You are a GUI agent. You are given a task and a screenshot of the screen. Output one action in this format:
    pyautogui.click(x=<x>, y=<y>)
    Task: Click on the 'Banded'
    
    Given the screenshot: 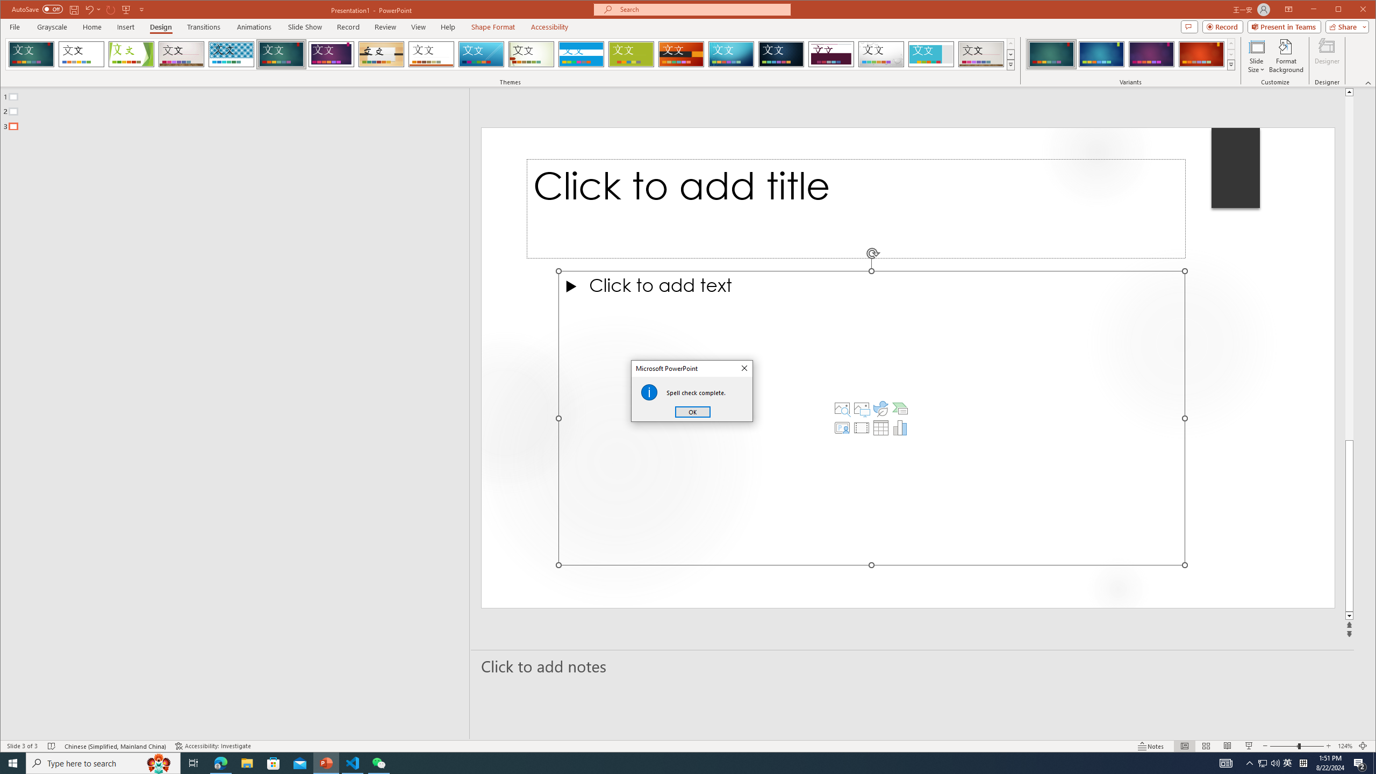 What is the action you would take?
    pyautogui.click(x=580, y=54)
    